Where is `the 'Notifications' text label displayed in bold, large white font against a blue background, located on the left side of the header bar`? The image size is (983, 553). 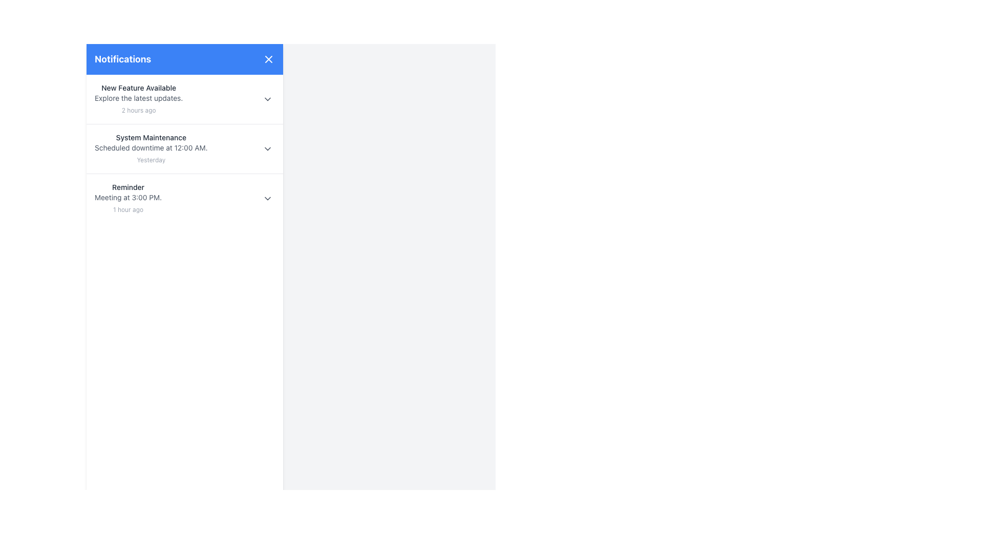
the 'Notifications' text label displayed in bold, large white font against a blue background, located on the left side of the header bar is located at coordinates (123, 59).